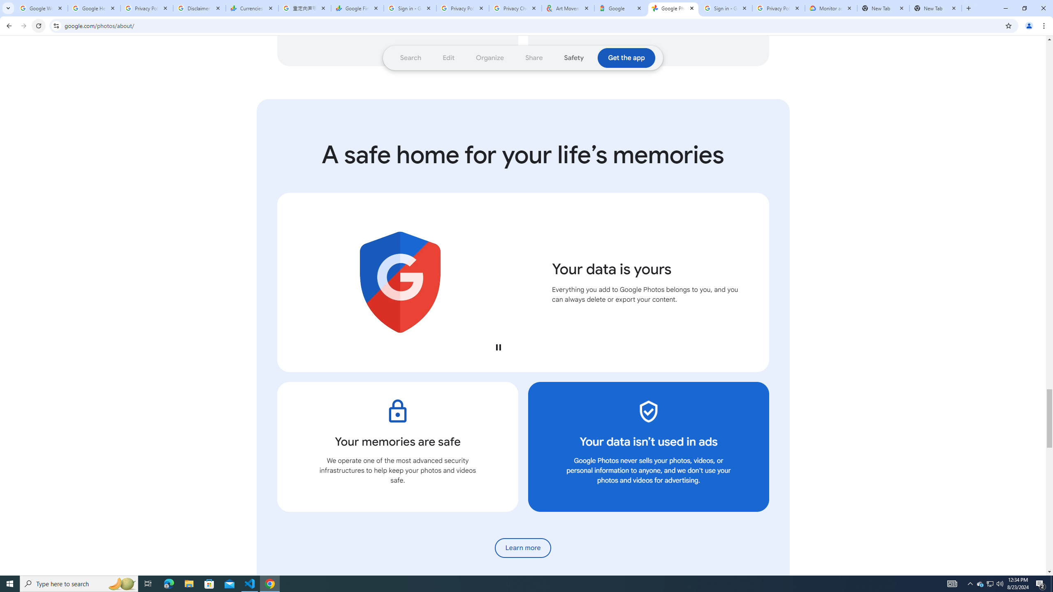 This screenshot has width=1053, height=592. I want to click on 'Google', so click(620, 8).